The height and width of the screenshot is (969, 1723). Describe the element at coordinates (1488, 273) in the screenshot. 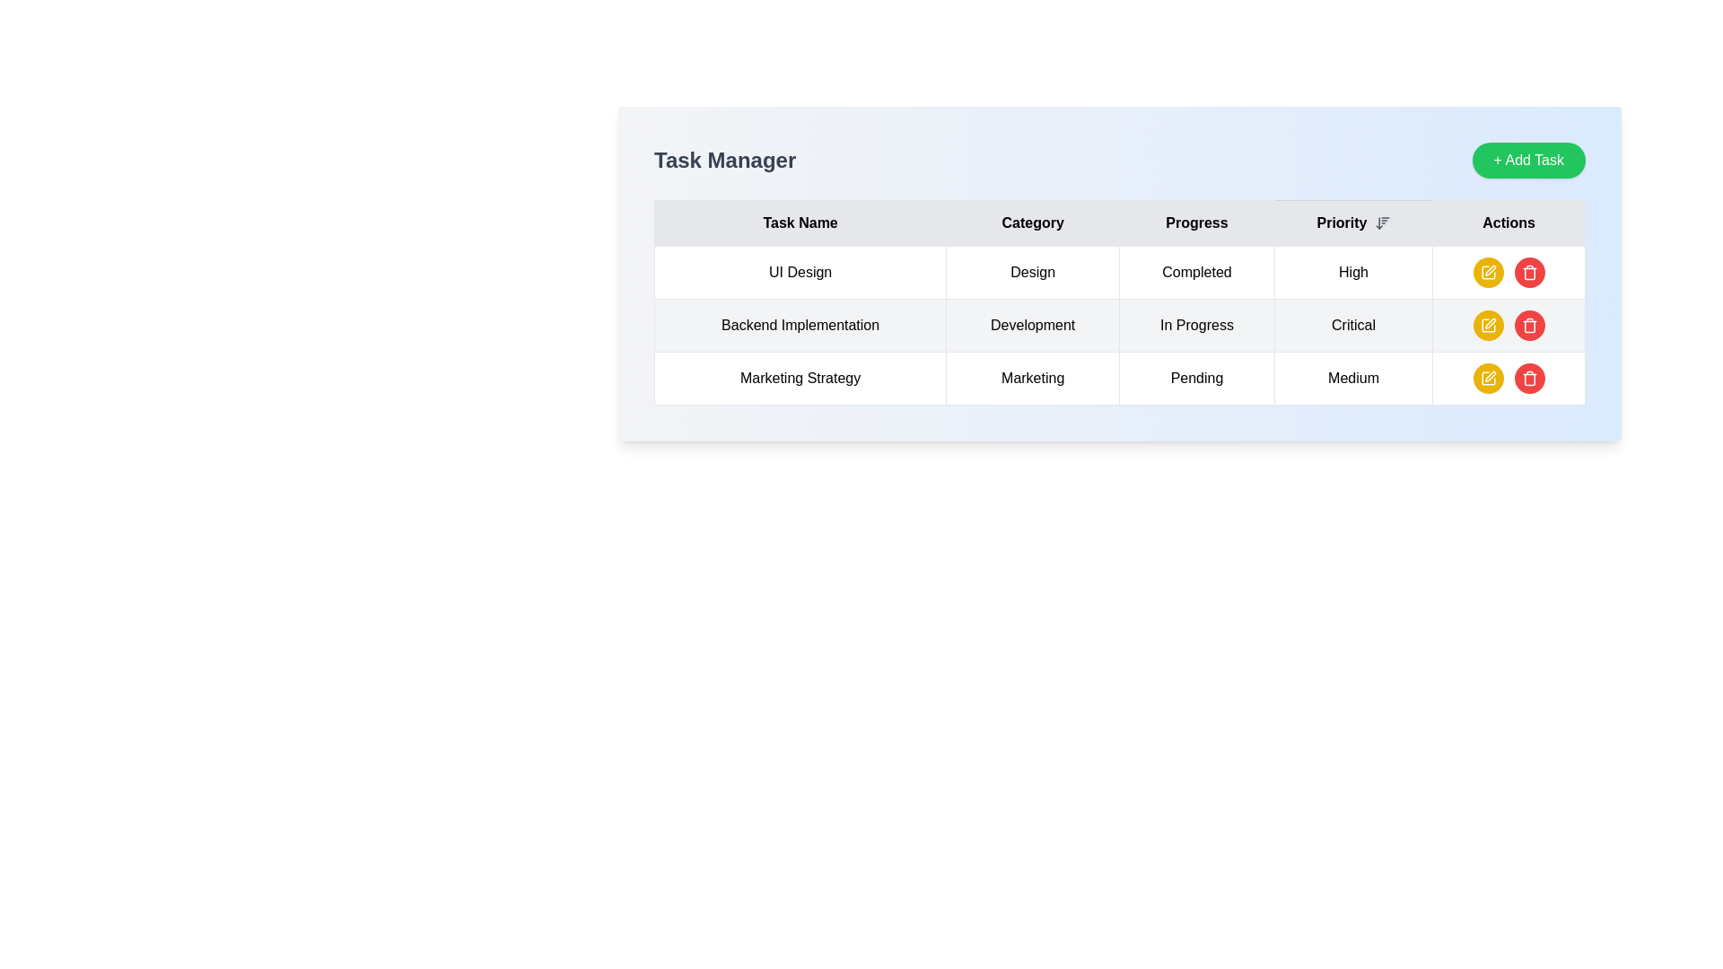

I see `the icon button for editing tasks in the 'Actions' column of the first row of the task management table` at that location.